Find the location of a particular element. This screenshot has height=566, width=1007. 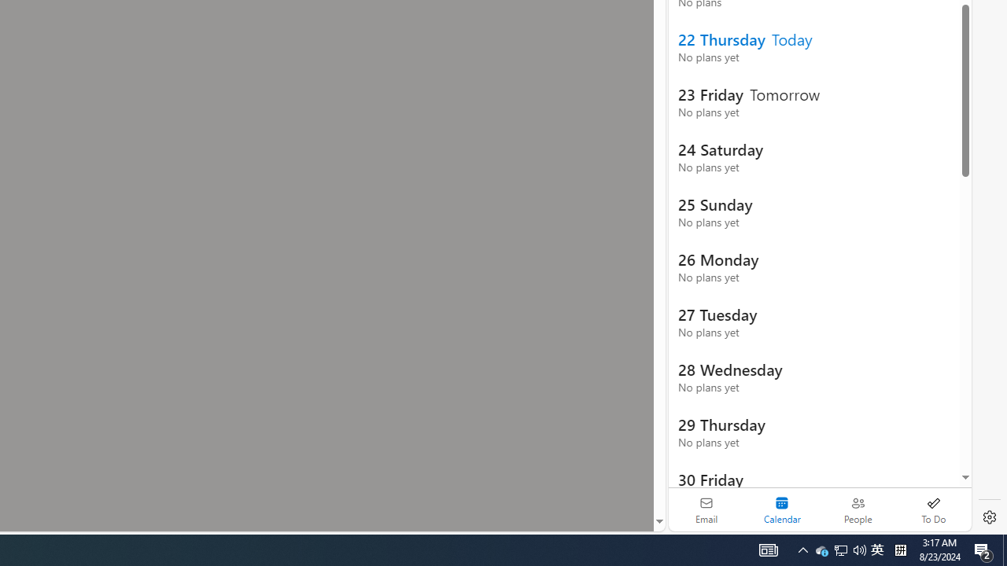

'People' is located at coordinates (857, 509).